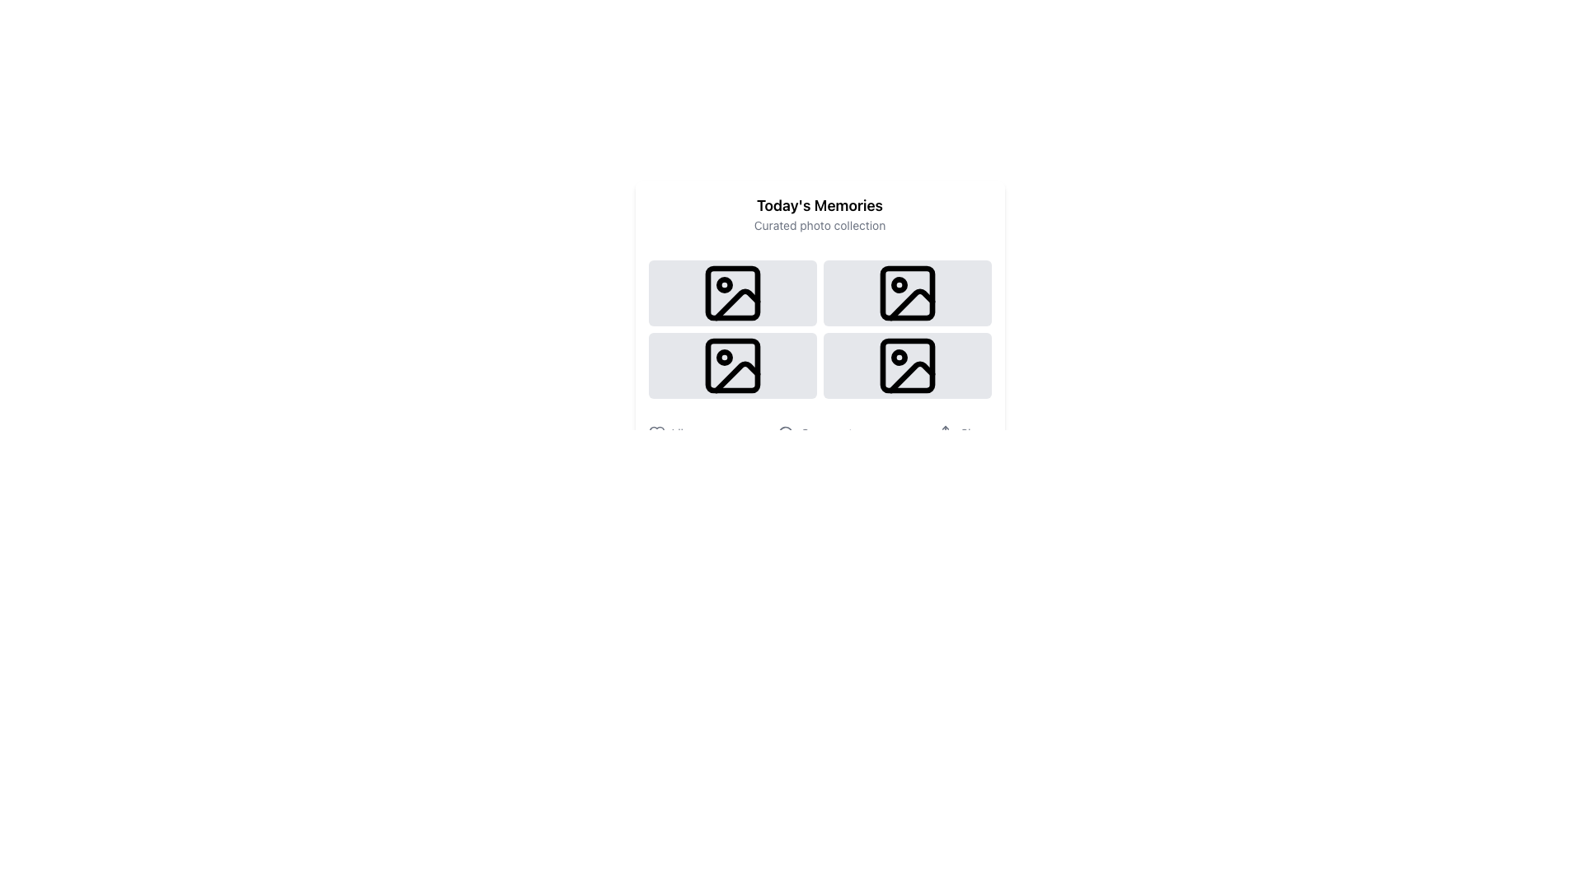 Image resolution: width=1583 pixels, height=890 pixels. What do you see at coordinates (906, 292) in the screenshot?
I see `the image placeholder element, which is styled with a light gray background and contains a black outlined image icon, located towards the top center-right of the interface` at bounding box center [906, 292].